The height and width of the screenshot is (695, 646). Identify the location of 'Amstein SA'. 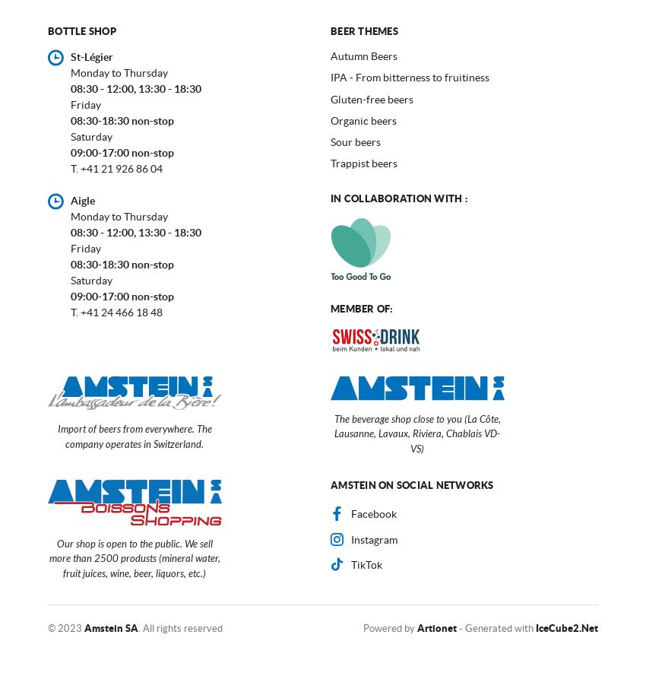
(84, 628).